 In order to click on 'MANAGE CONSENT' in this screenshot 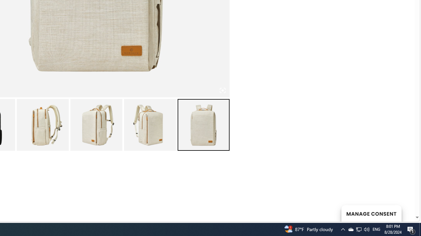, I will do `click(371, 213)`.